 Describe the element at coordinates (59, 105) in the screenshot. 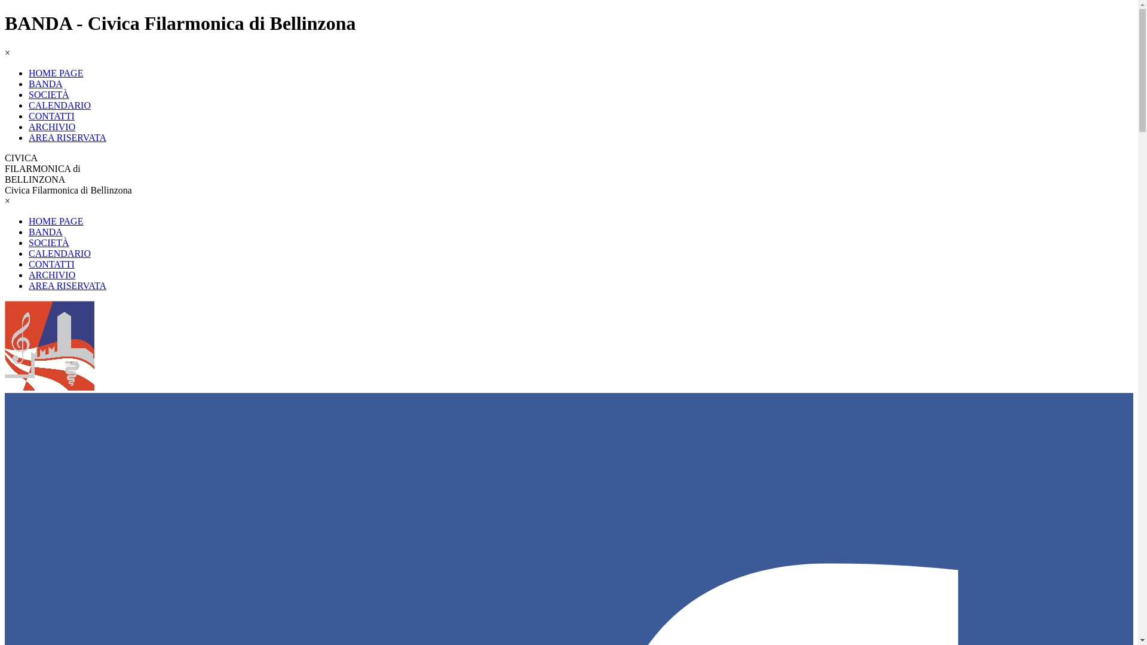

I see `'CALENDARIO'` at that location.